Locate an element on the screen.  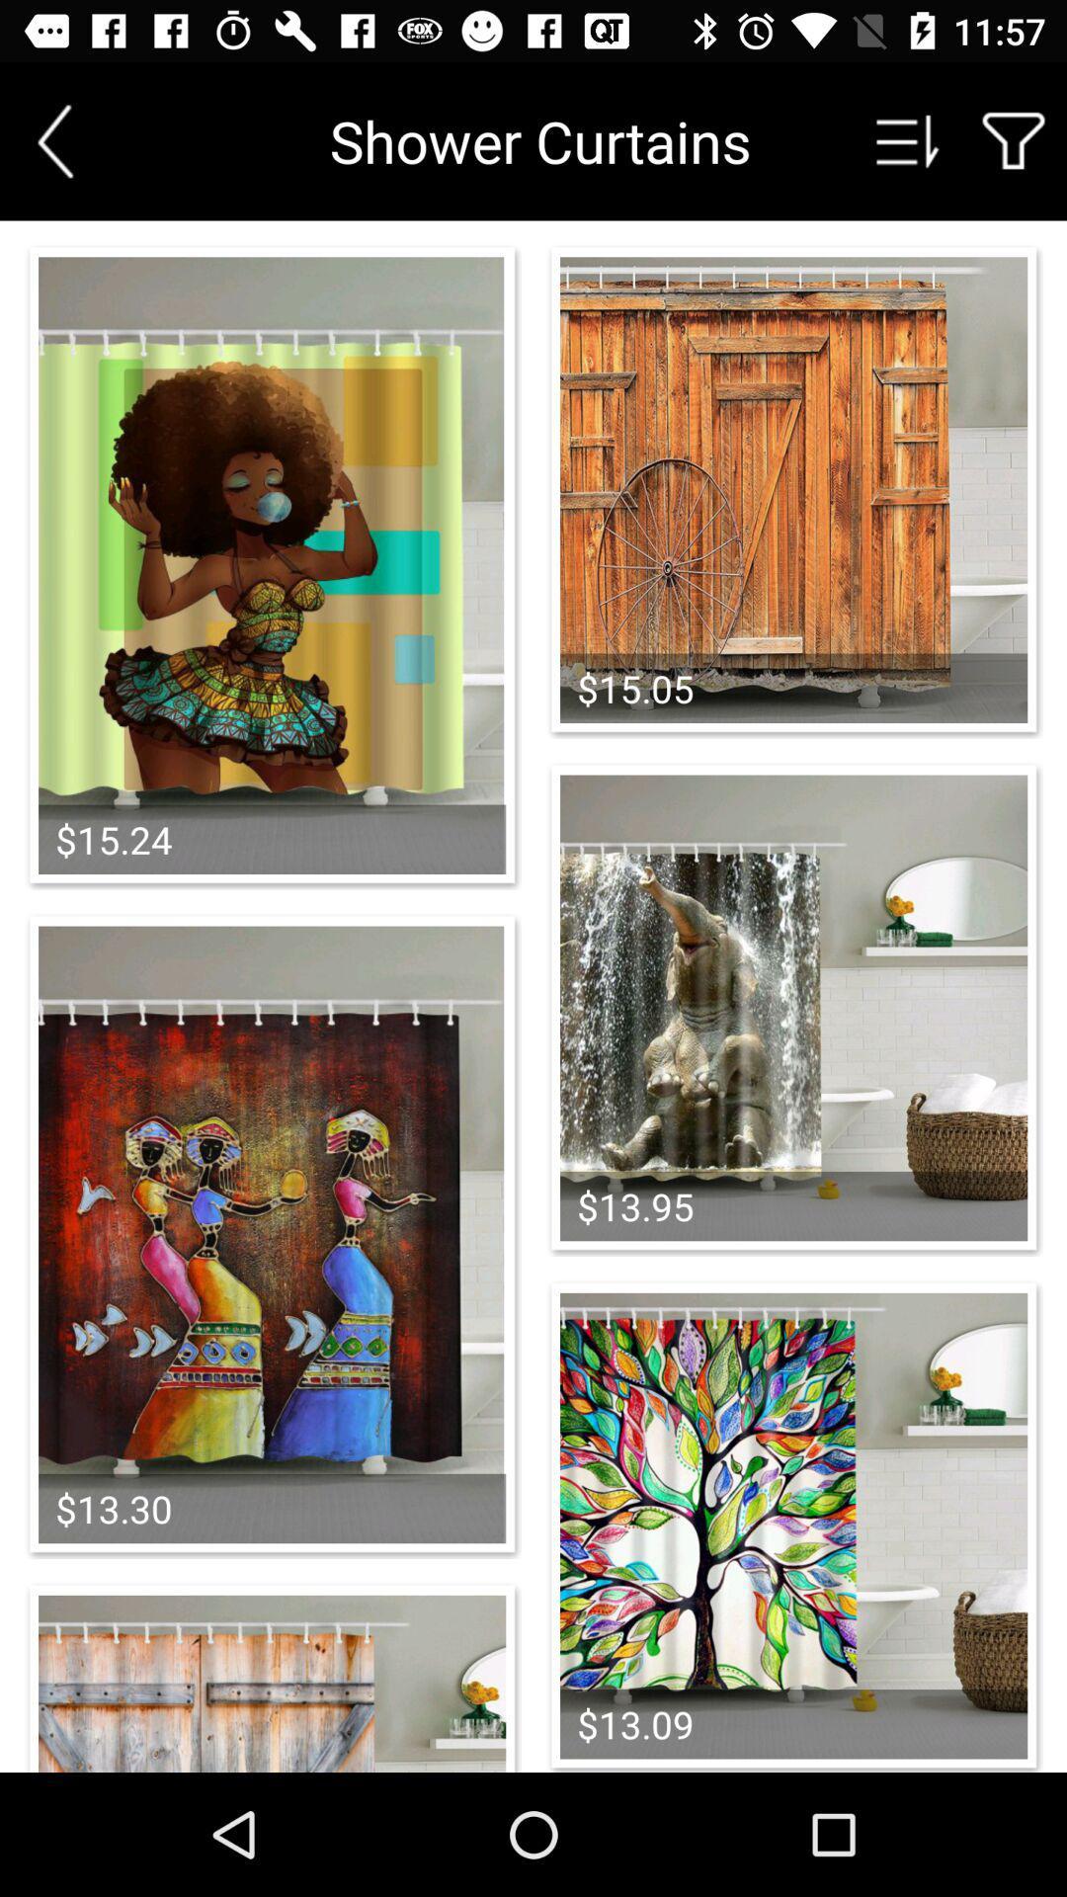
the filter icon is located at coordinates (1014, 140).